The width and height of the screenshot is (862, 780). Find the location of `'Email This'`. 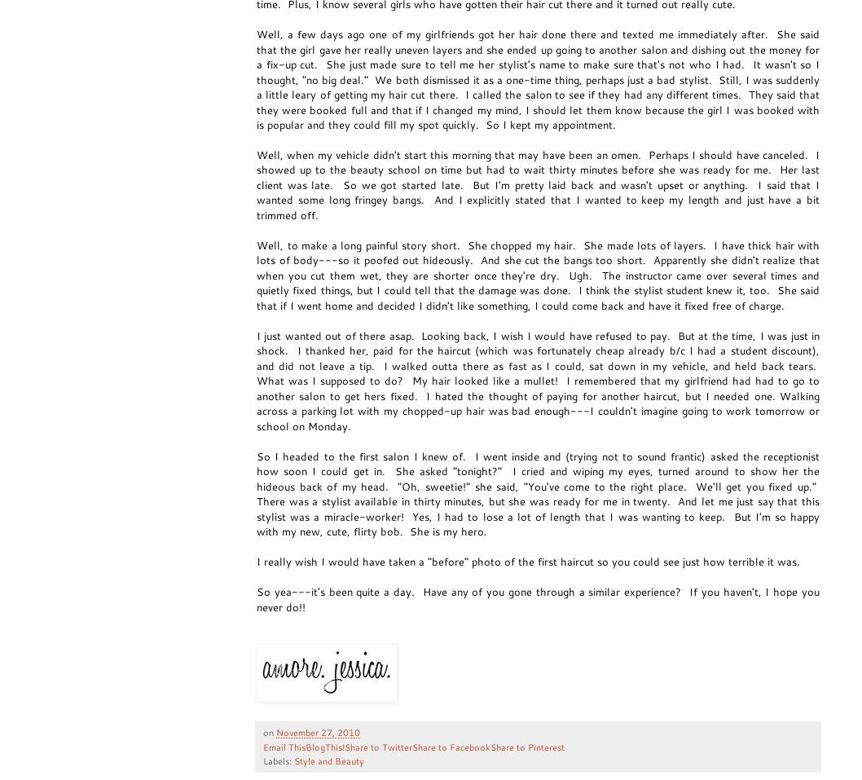

'Email This' is located at coordinates (284, 746).